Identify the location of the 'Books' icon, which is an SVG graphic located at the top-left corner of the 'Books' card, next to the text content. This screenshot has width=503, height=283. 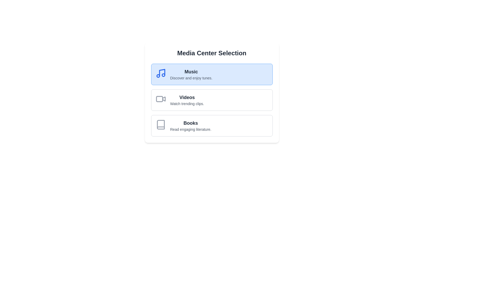
(160, 124).